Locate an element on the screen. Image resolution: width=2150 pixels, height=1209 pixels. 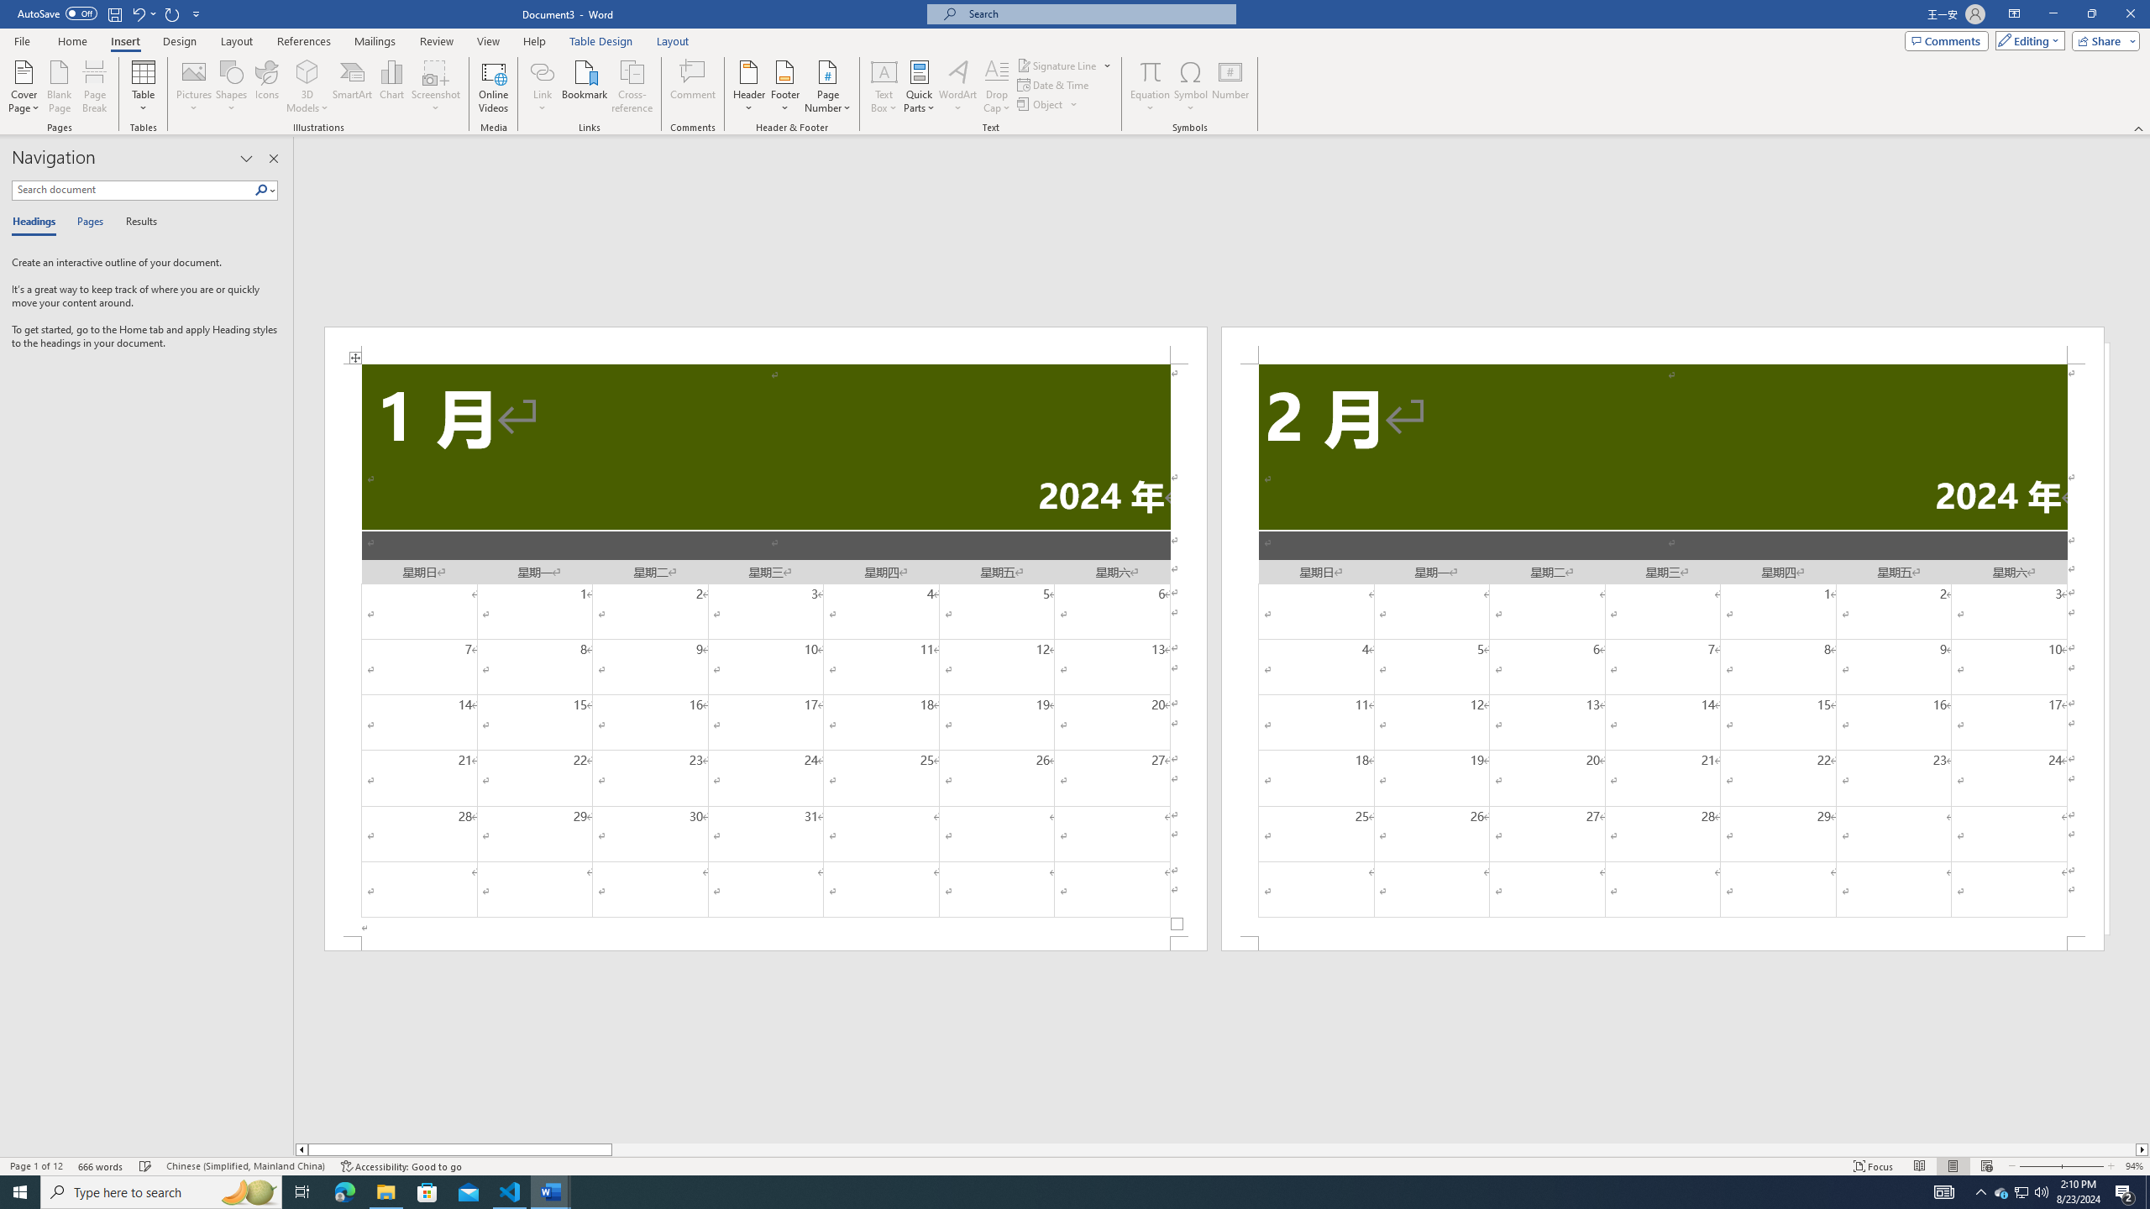
'Quick Parts' is located at coordinates (919, 86).